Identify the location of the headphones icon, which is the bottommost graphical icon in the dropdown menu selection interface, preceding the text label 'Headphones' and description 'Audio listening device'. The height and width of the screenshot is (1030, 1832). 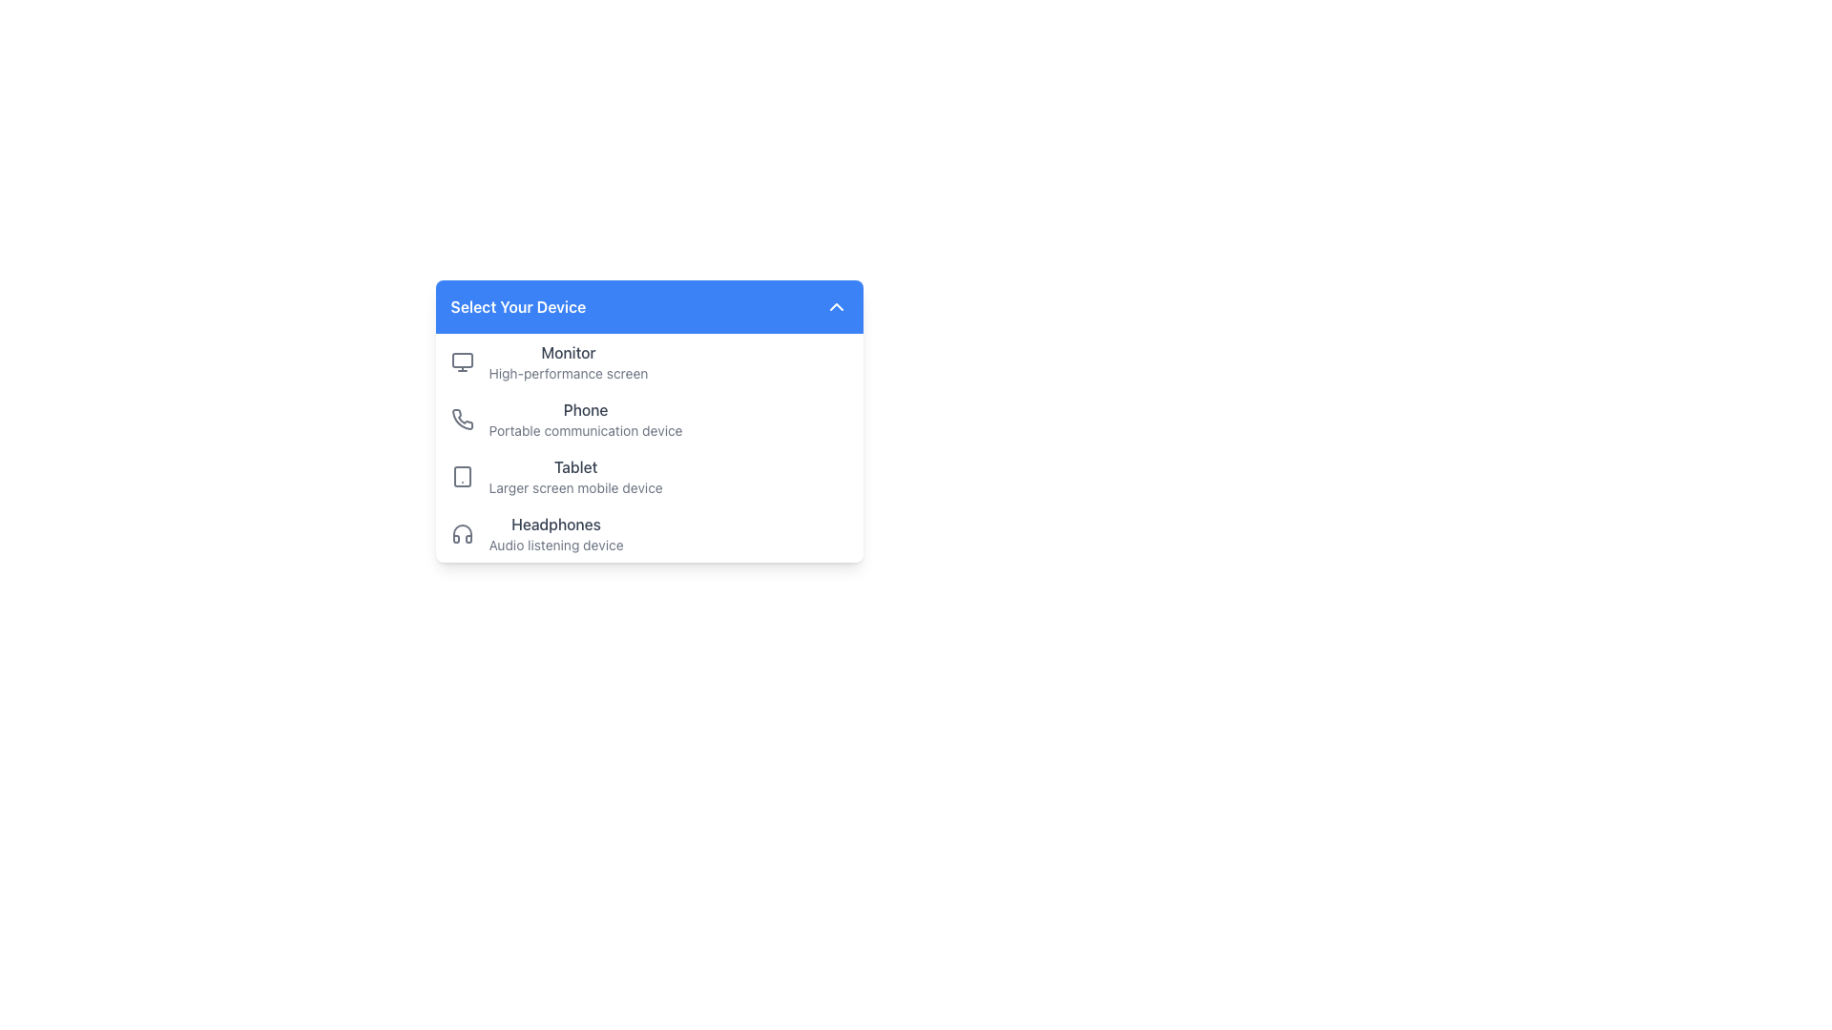
(462, 533).